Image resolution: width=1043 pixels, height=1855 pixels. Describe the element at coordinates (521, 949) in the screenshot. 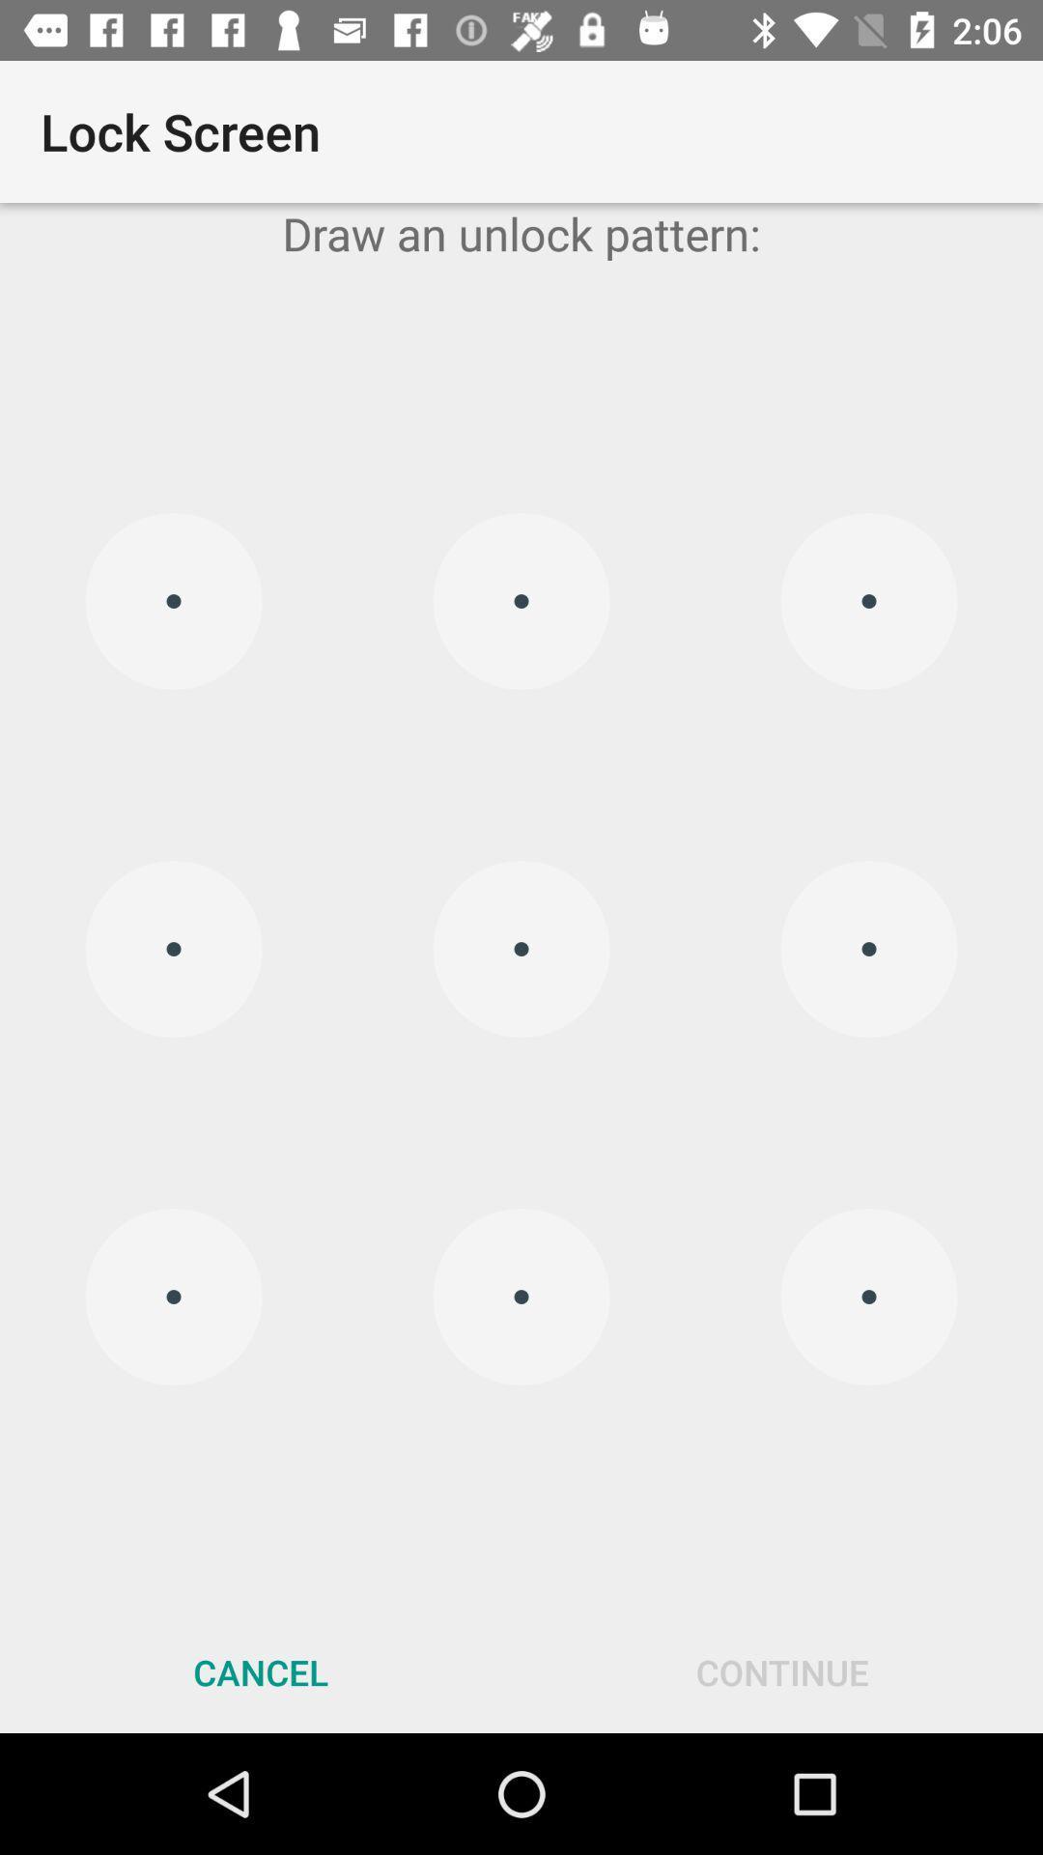

I see `the item below the draw an unlock app` at that location.